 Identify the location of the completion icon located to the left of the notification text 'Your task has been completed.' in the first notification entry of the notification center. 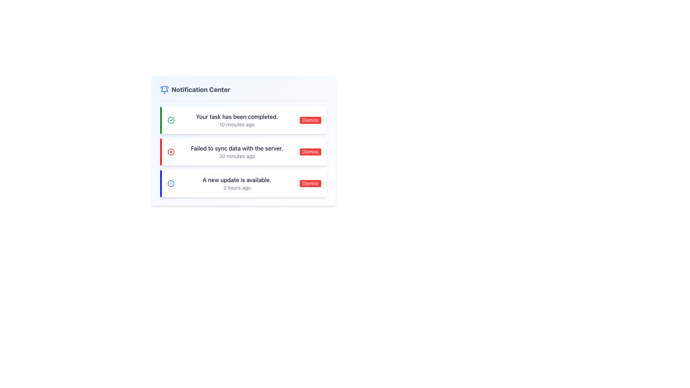
(170, 120).